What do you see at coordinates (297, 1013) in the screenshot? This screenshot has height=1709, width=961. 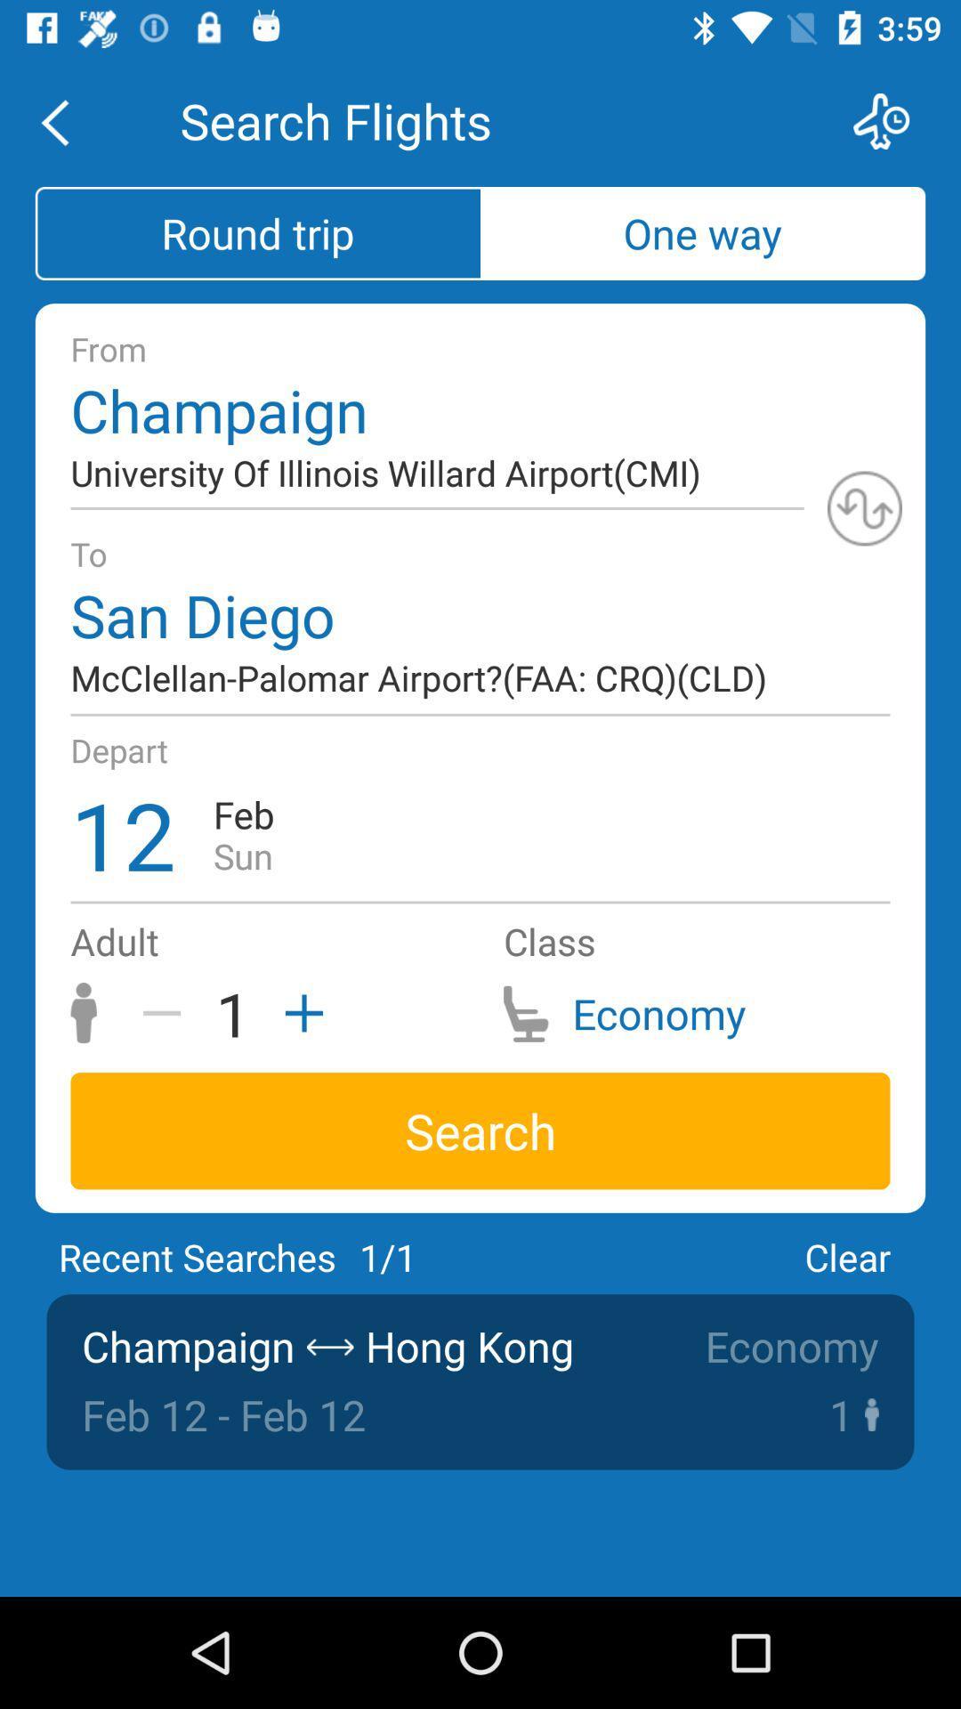 I see `icon above search icon` at bounding box center [297, 1013].